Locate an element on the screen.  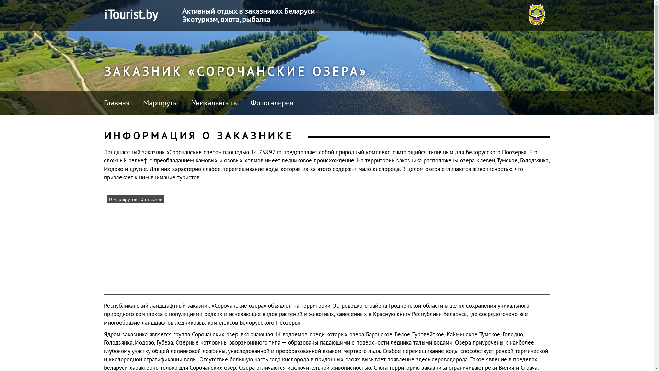
'iTourist.by' is located at coordinates (130, 14).